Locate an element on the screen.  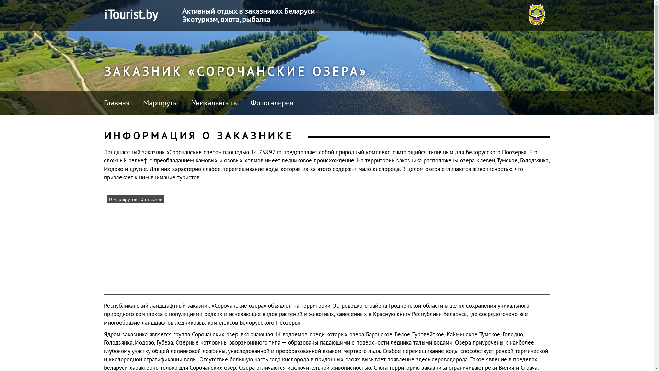
'iTourist.by' is located at coordinates (130, 14).